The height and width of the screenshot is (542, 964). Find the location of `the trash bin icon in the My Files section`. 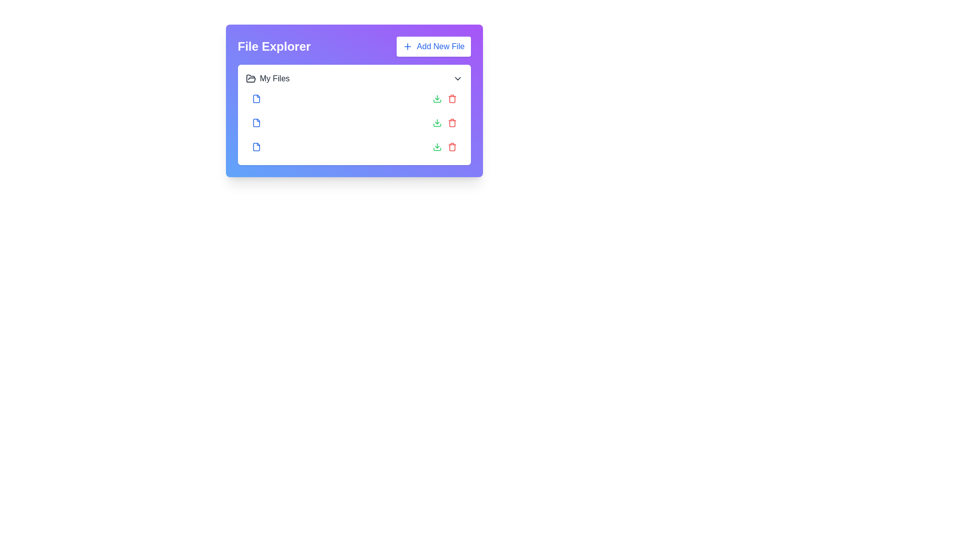

the trash bin icon in the My Files section is located at coordinates (451, 99).